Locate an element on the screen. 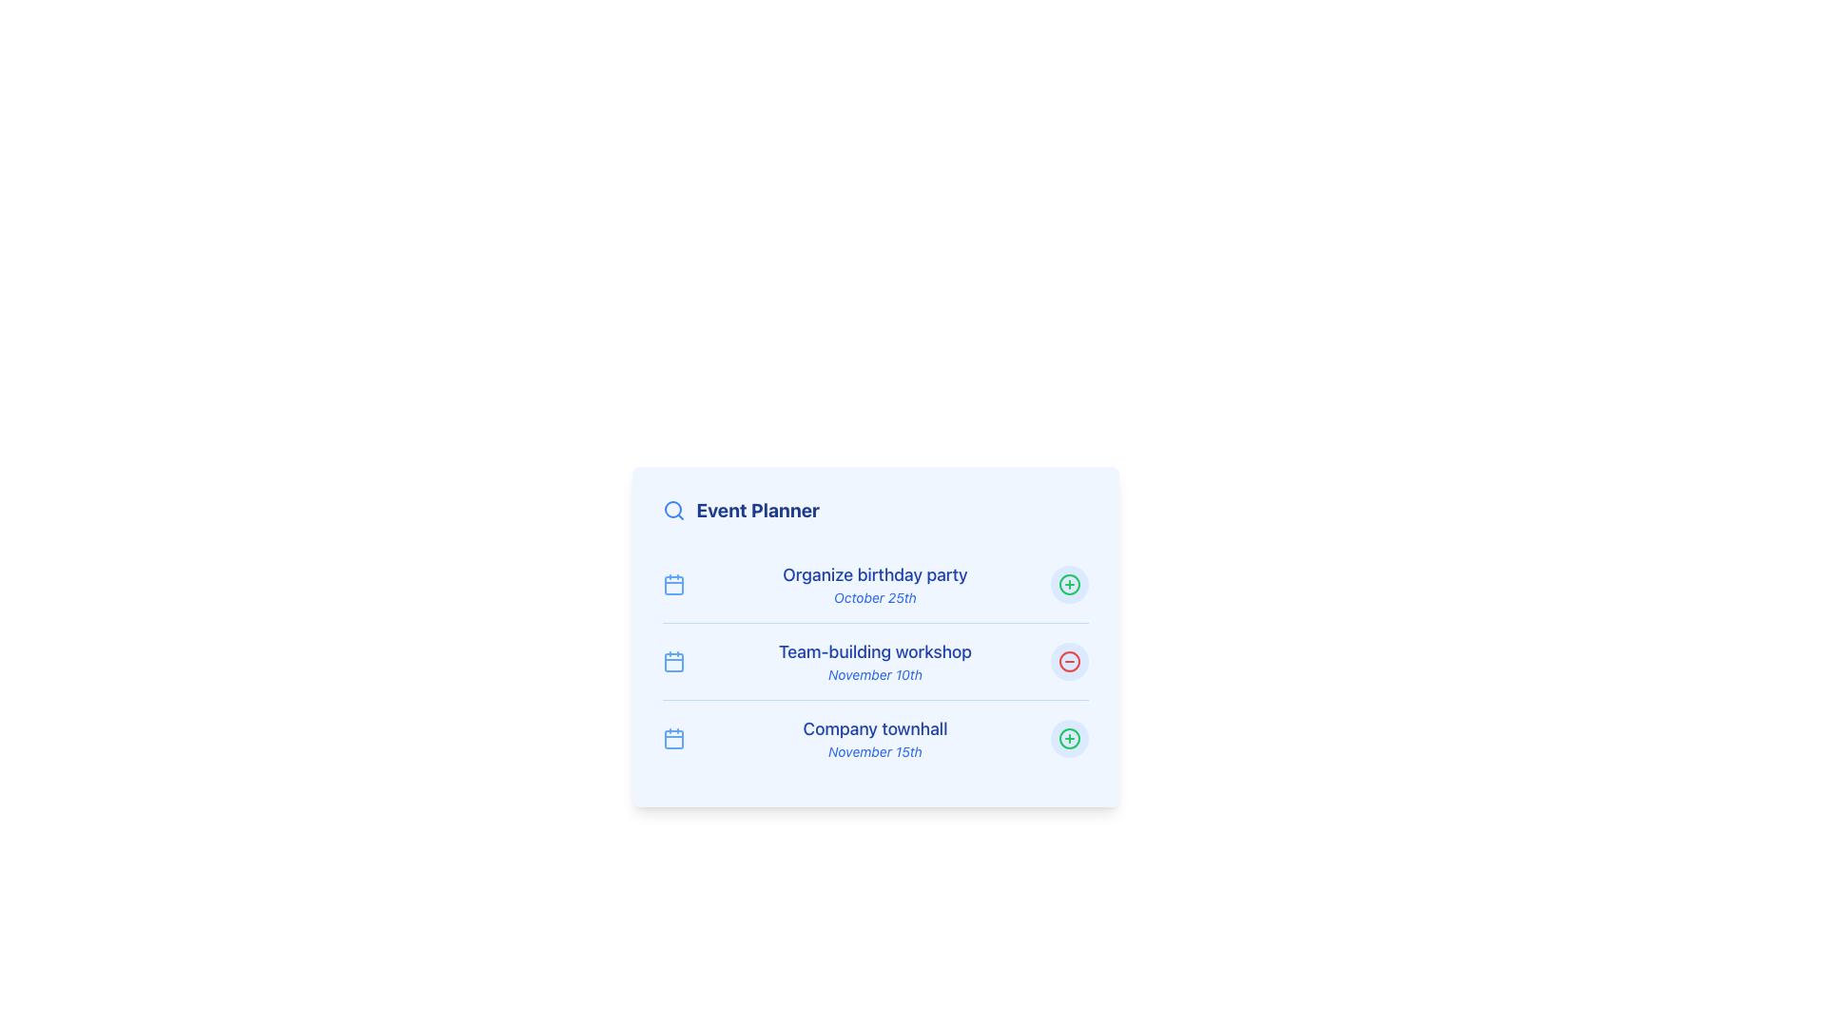 Image resolution: width=1826 pixels, height=1027 pixels. the text label displaying 'October 25th', which is styled in blue and italicized, located under 'Organize birthday party' in the 'Event Planner' list is located at coordinates (874, 596).